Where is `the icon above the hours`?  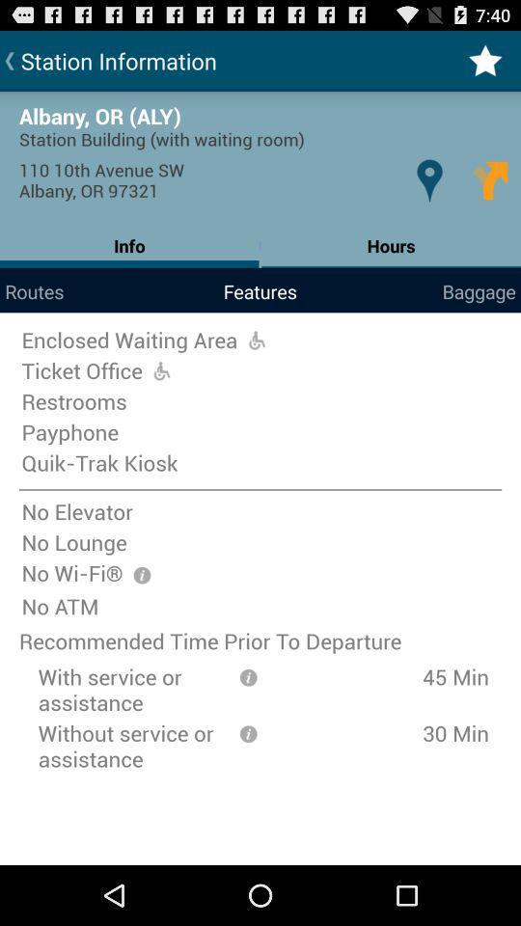 the icon above the hours is located at coordinates (490, 180).